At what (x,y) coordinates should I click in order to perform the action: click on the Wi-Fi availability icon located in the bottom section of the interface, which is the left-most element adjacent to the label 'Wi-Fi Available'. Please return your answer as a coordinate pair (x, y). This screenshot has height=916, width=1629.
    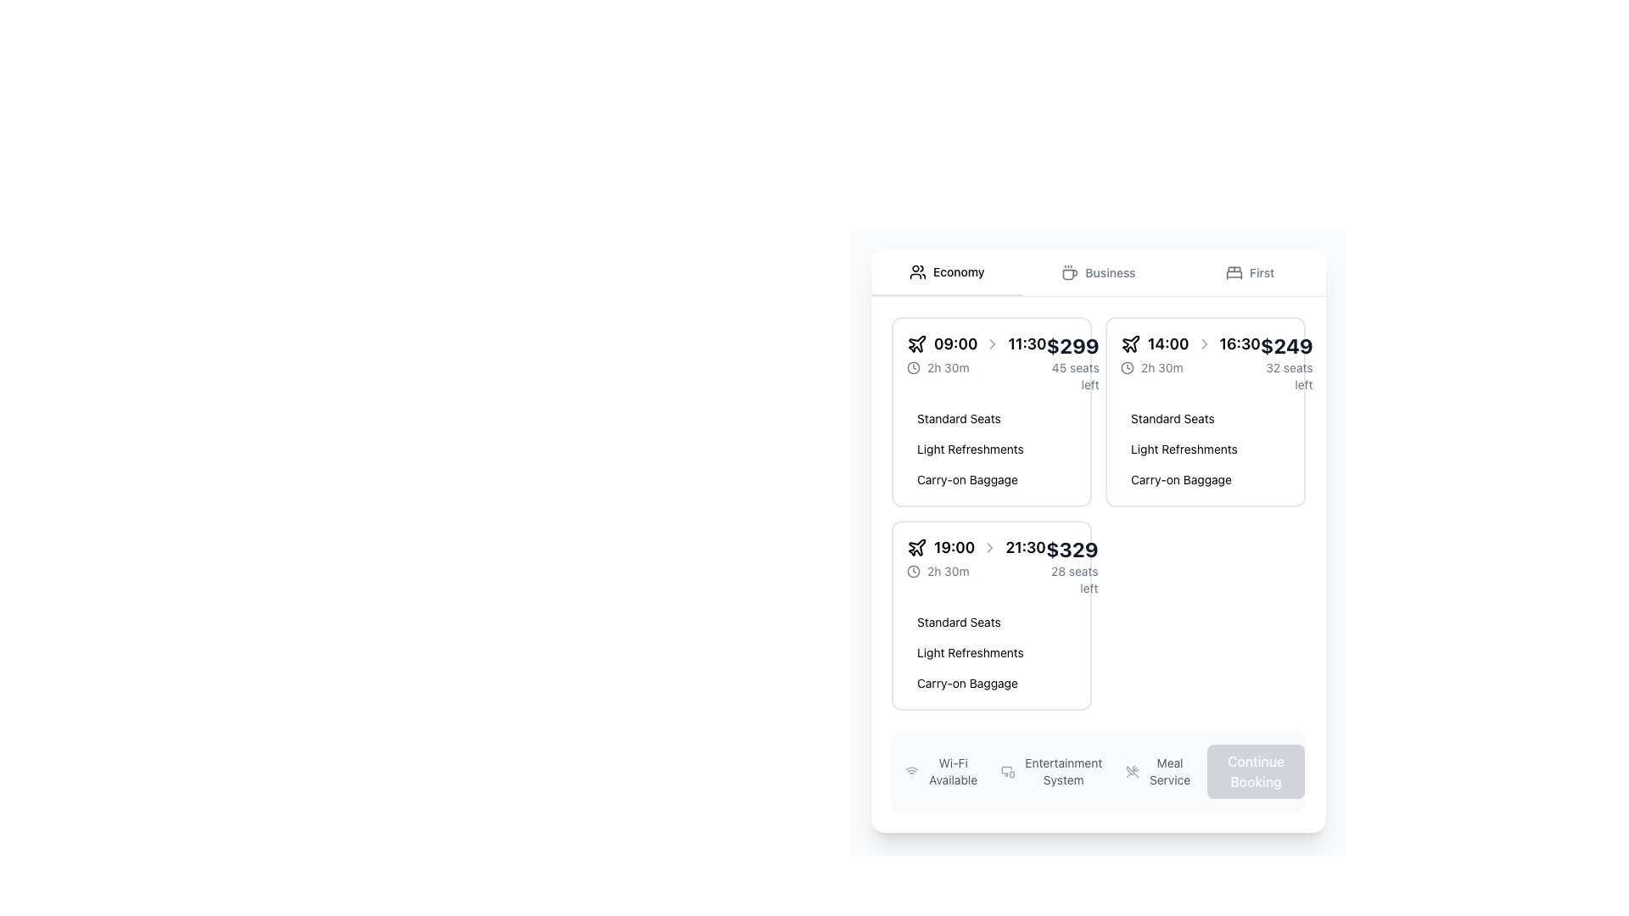
    Looking at the image, I should click on (911, 772).